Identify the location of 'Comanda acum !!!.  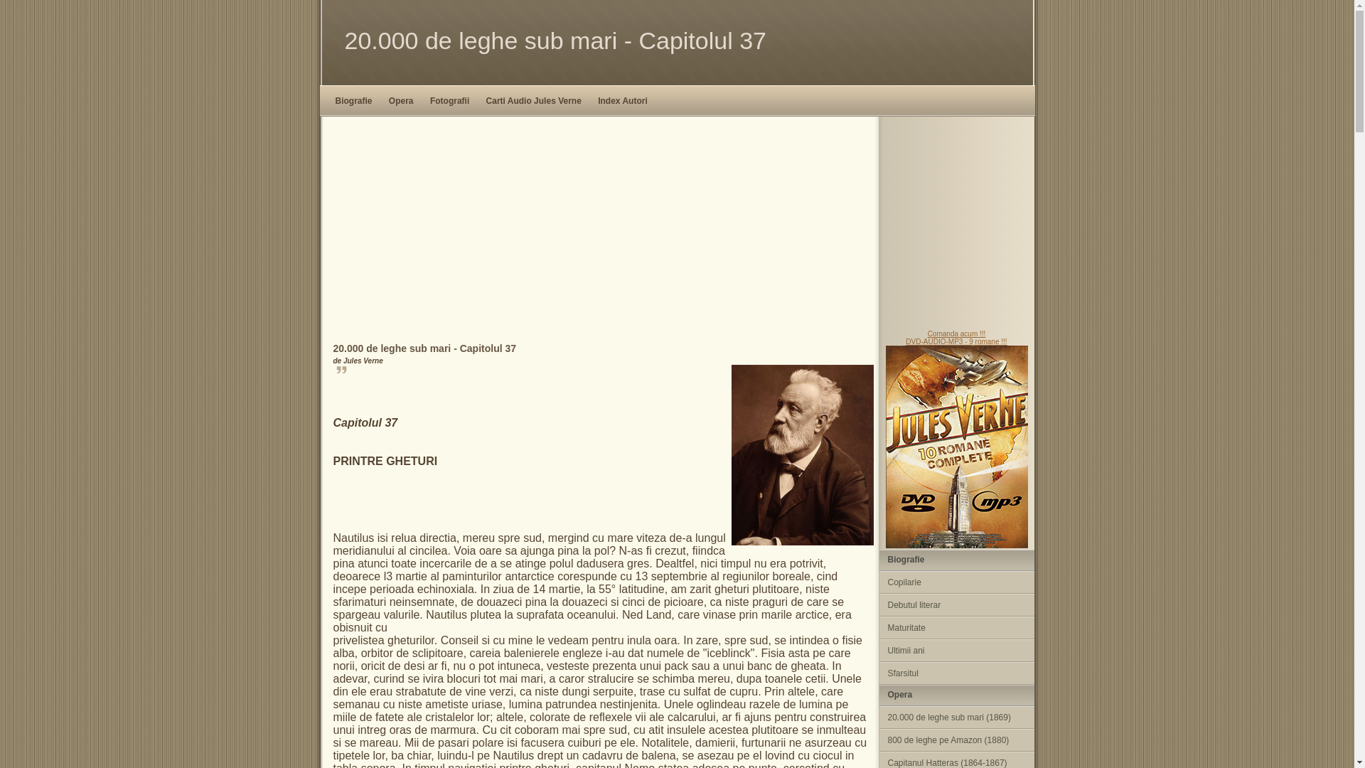
(956, 439).